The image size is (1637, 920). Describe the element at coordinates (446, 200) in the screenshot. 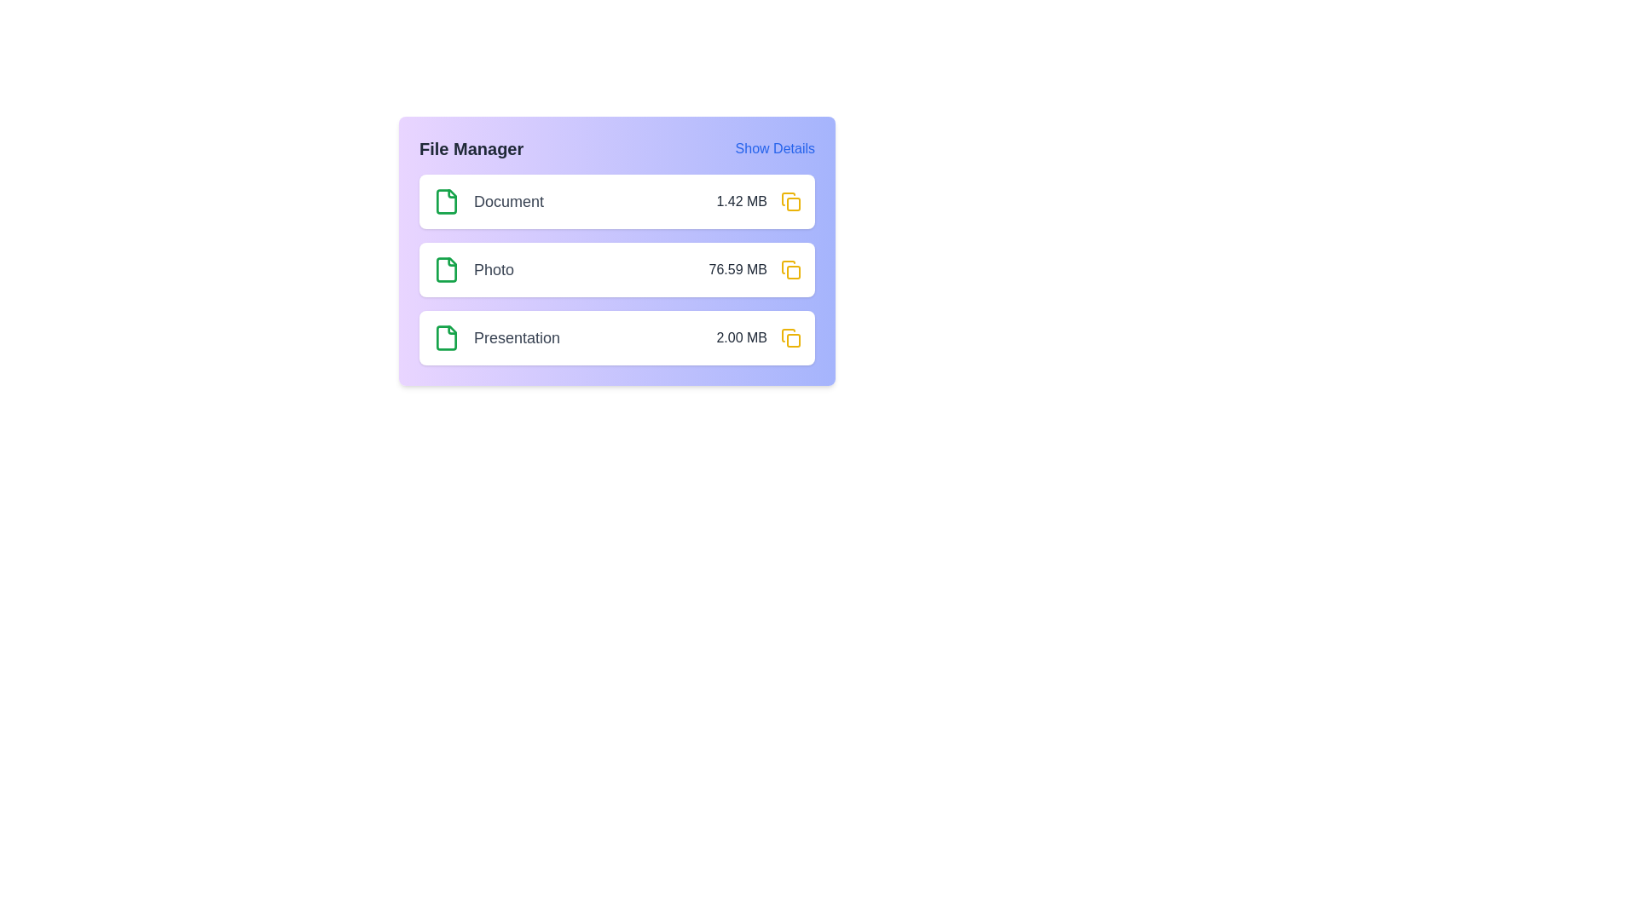

I see `the document file icon located at the leftmost part of the 'Document' row in the file manager area, which is positioned above the file size information '1.42 MB'` at that location.